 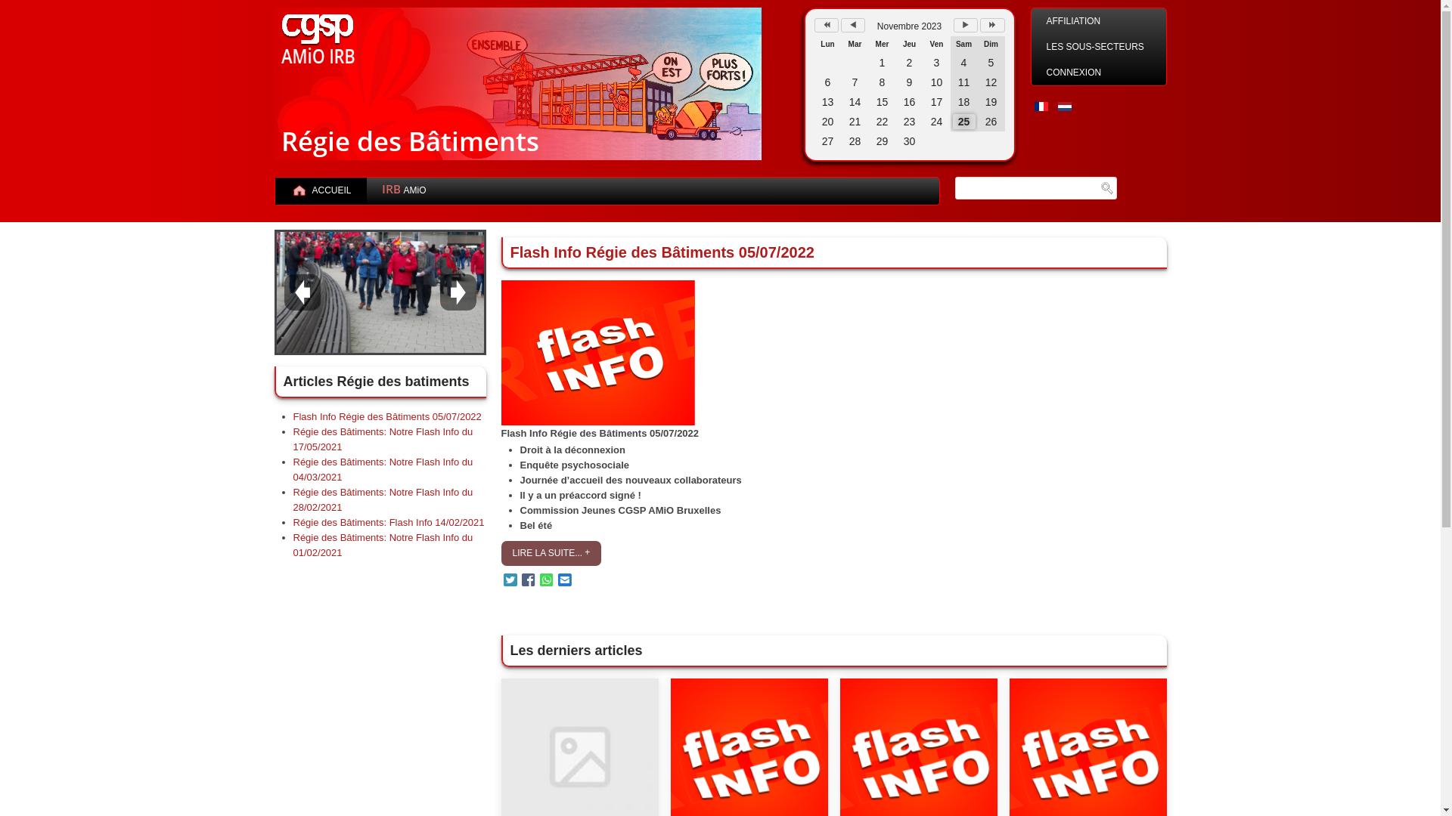 I want to click on 'LES SOUS-SECTEURS', so click(x=1099, y=45).